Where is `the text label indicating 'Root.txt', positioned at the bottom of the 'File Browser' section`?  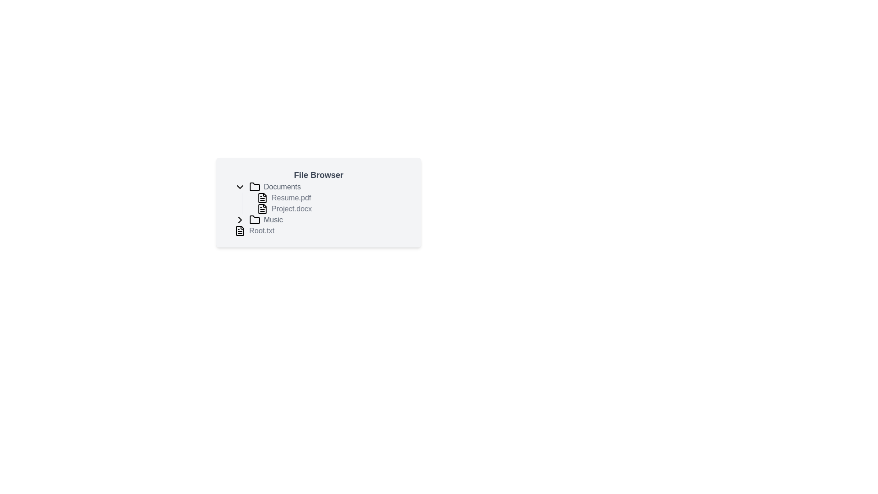 the text label indicating 'Root.txt', positioned at the bottom of the 'File Browser' section is located at coordinates (261, 231).